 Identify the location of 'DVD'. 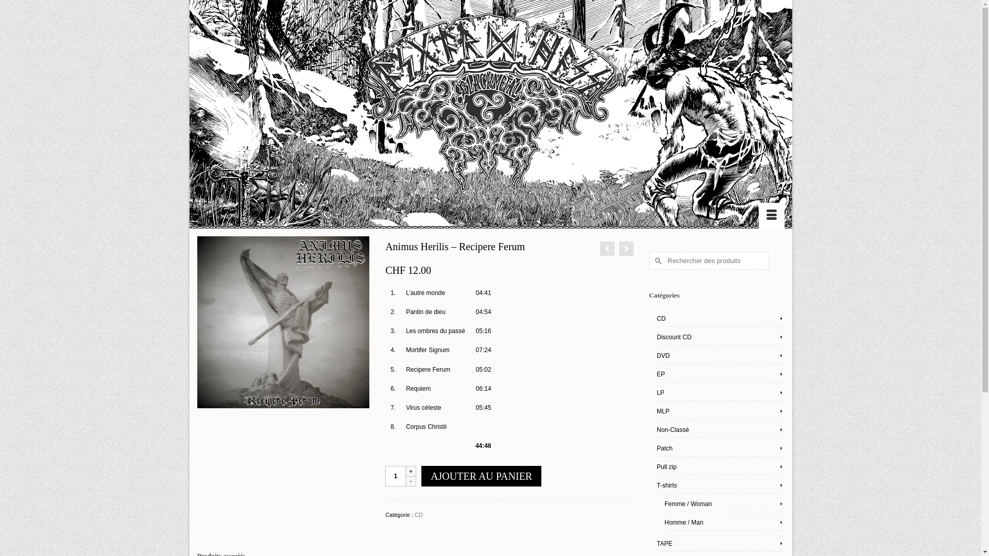
(656, 355).